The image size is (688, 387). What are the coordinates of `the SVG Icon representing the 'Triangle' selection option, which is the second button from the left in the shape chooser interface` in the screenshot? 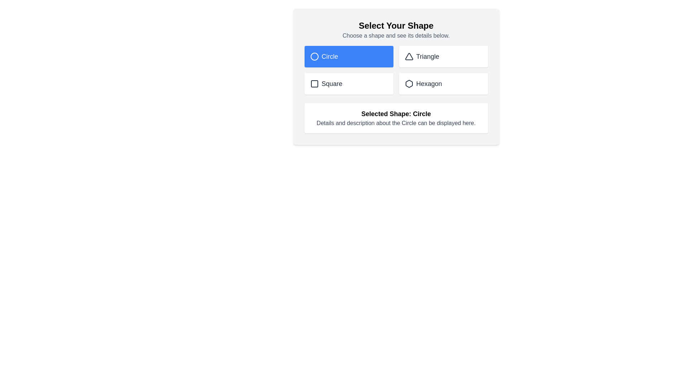 It's located at (409, 56).